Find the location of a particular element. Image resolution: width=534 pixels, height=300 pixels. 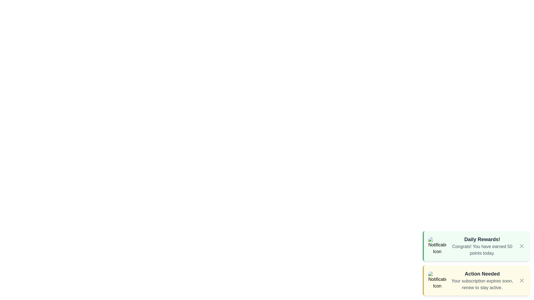

the notification area to view its details is located at coordinates (476, 246).